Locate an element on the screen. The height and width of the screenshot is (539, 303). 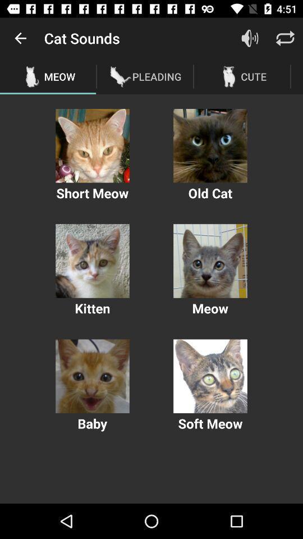
shift option is located at coordinates (285, 38).